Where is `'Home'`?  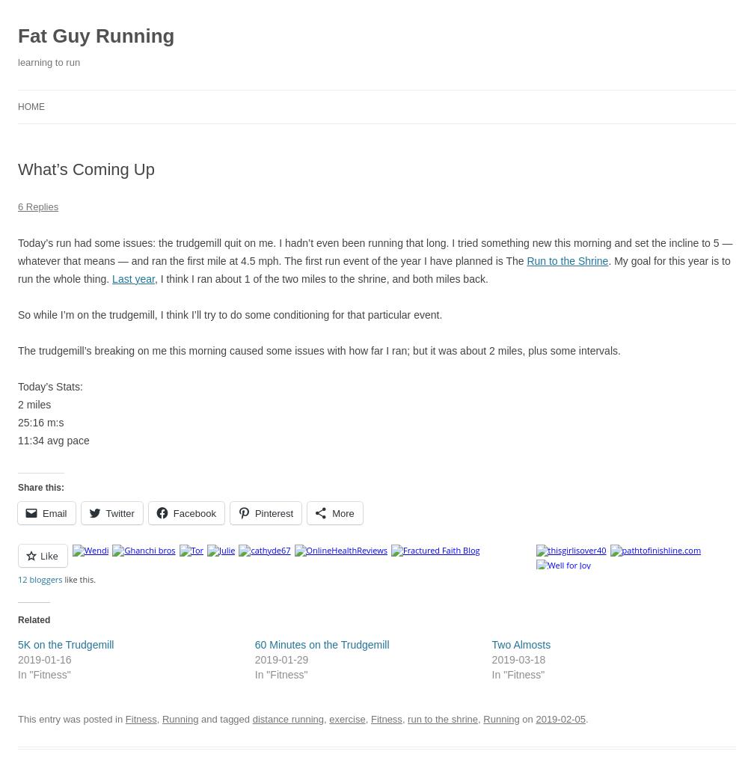 'Home' is located at coordinates (31, 106).